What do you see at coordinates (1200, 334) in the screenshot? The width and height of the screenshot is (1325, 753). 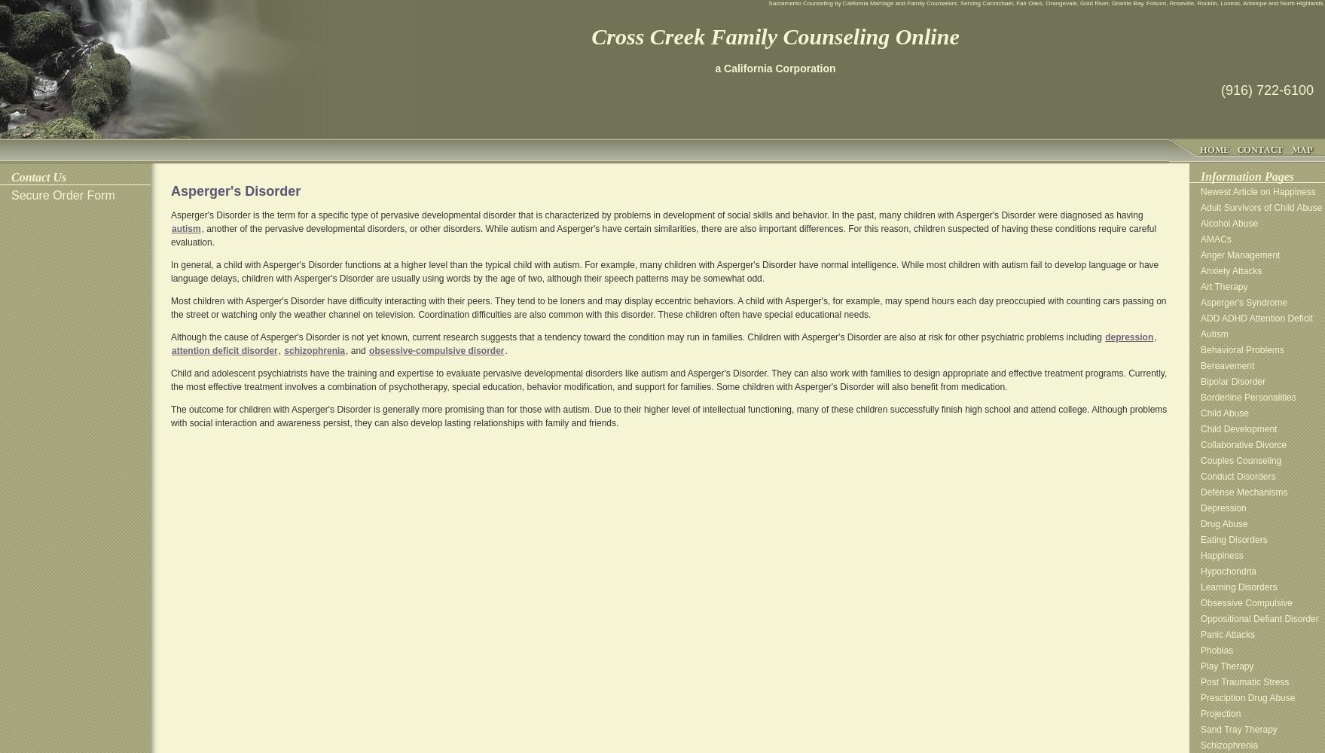 I see `'Autism'` at bounding box center [1200, 334].